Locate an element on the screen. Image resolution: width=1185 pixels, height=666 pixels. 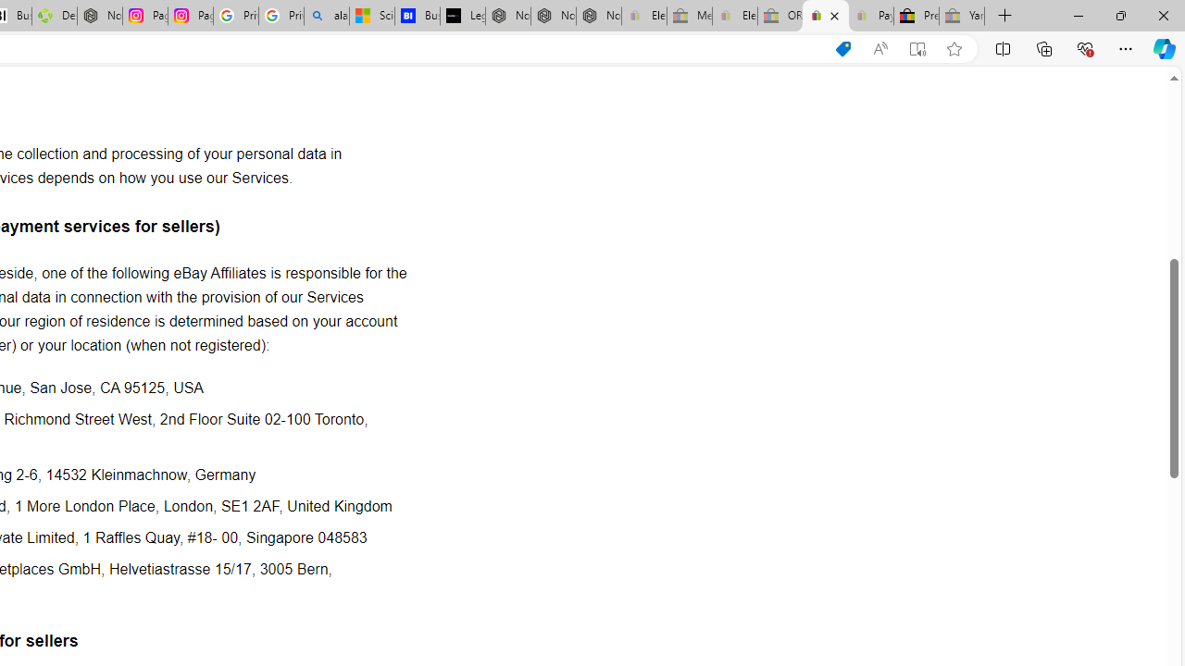
'Payments Terms of Use | eBay.com - Sleeping' is located at coordinates (869, 16).